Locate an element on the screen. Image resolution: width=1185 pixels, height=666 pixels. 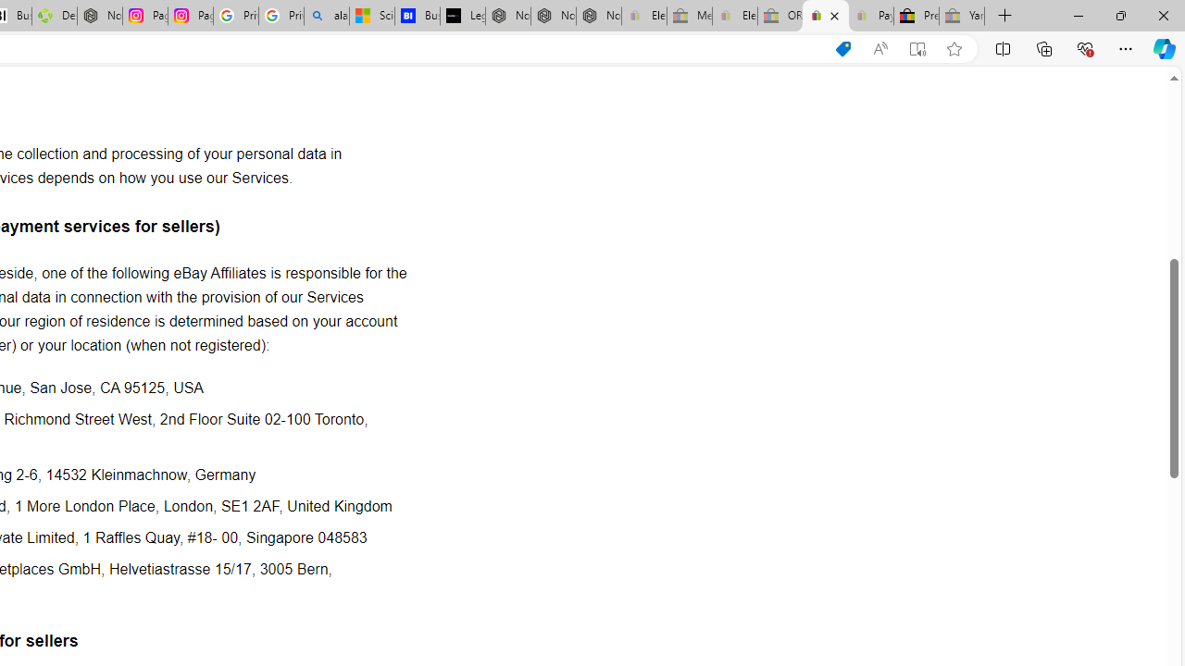
'Payments Terms of Use | eBay.com - Sleeping' is located at coordinates (869, 16).